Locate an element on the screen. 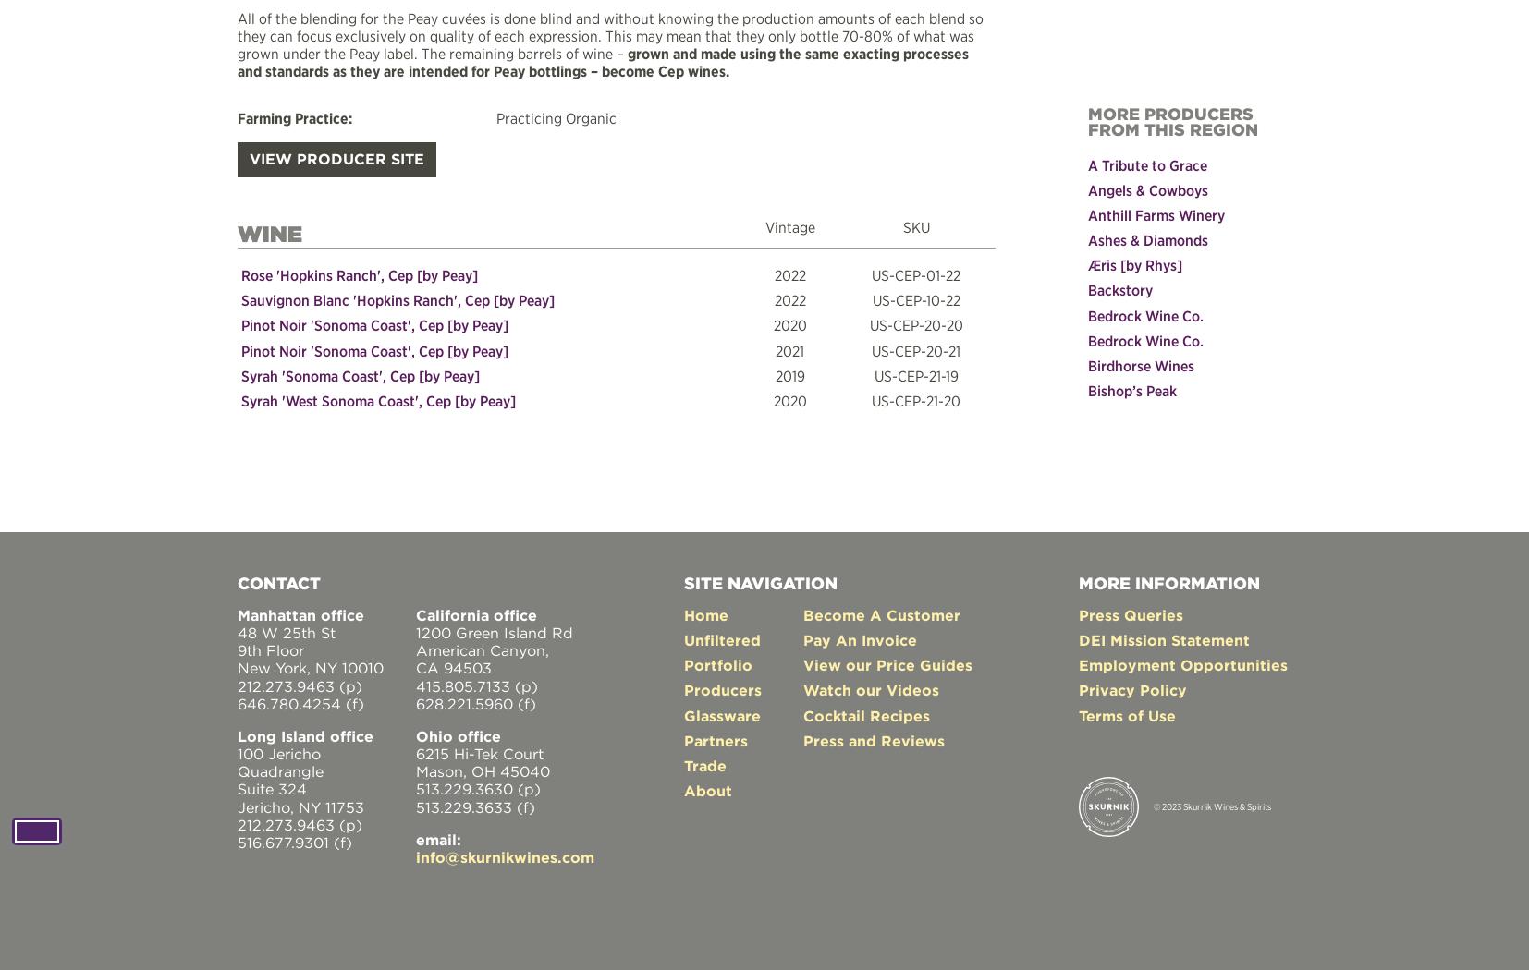 This screenshot has width=1529, height=970. 'Partners' is located at coordinates (716, 739).